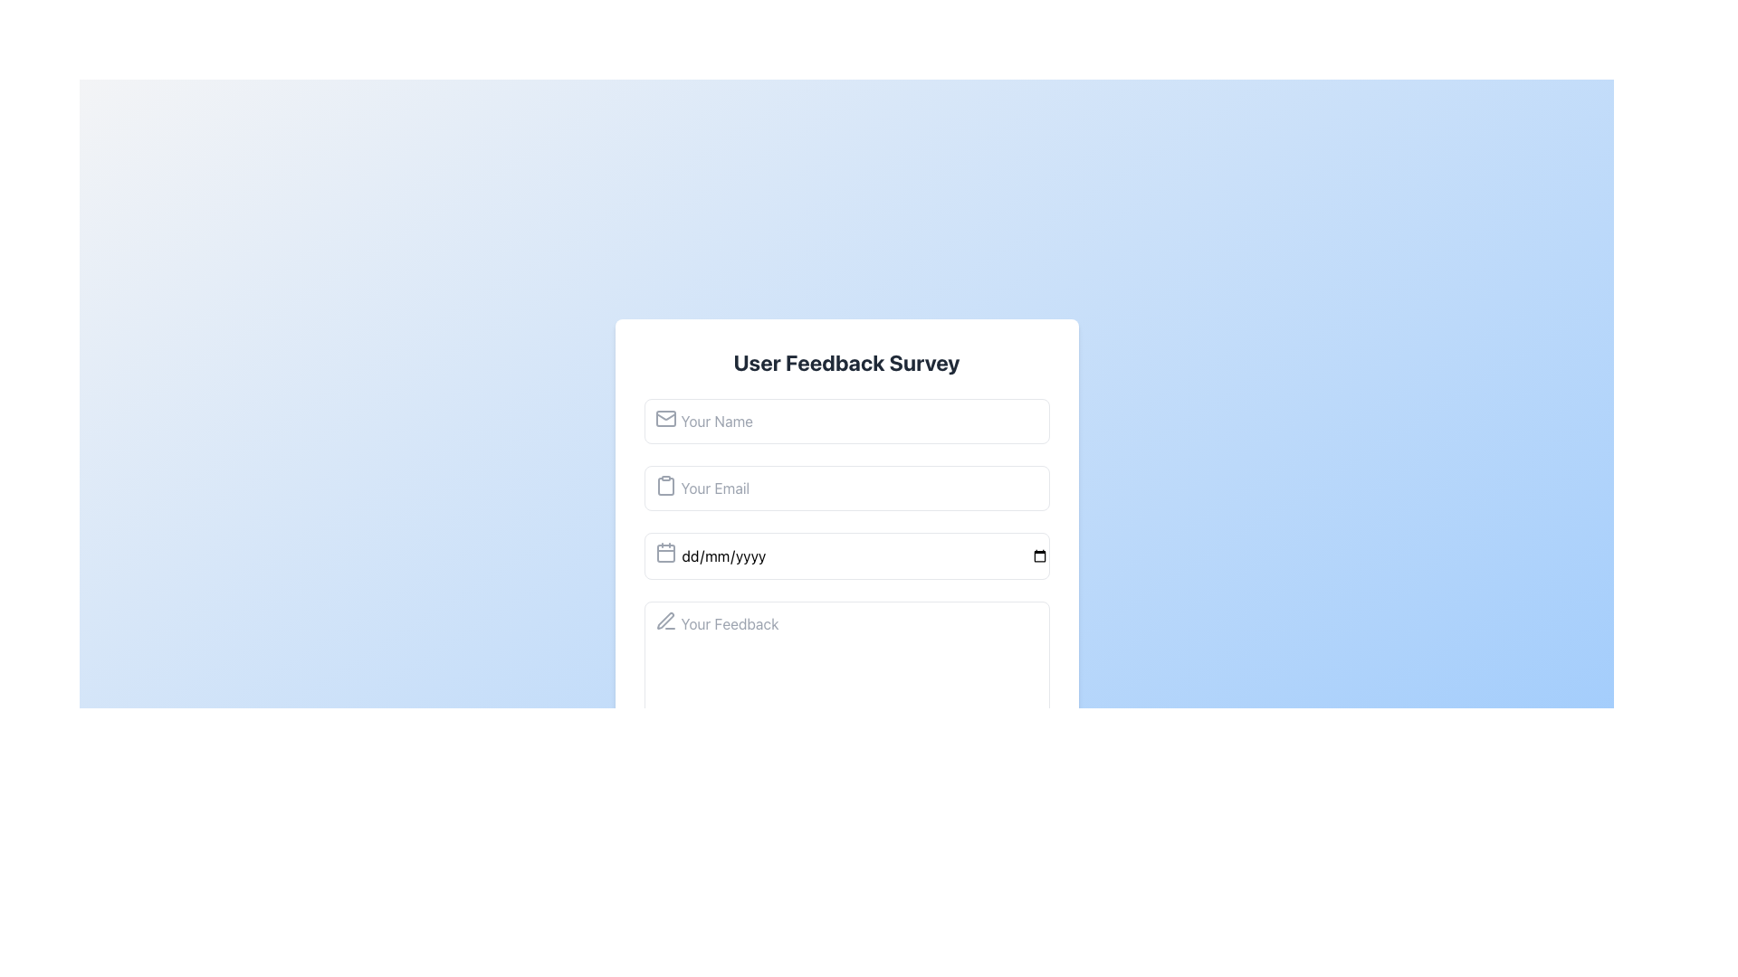 The height and width of the screenshot is (977, 1738). Describe the element at coordinates (664, 620) in the screenshot. I see `the pen icon located to the left of the 'Your Feedback' multiline text input field, indicating that this field is for writing feedback` at that location.